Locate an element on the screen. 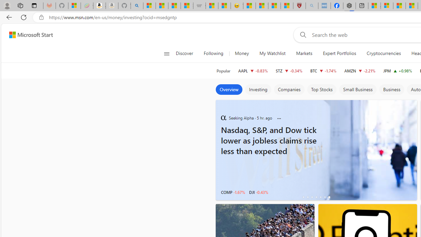 The height and width of the screenshot is (237, 421). 'Microsoft-Report a Concern to Bing' is located at coordinates (74, 6).